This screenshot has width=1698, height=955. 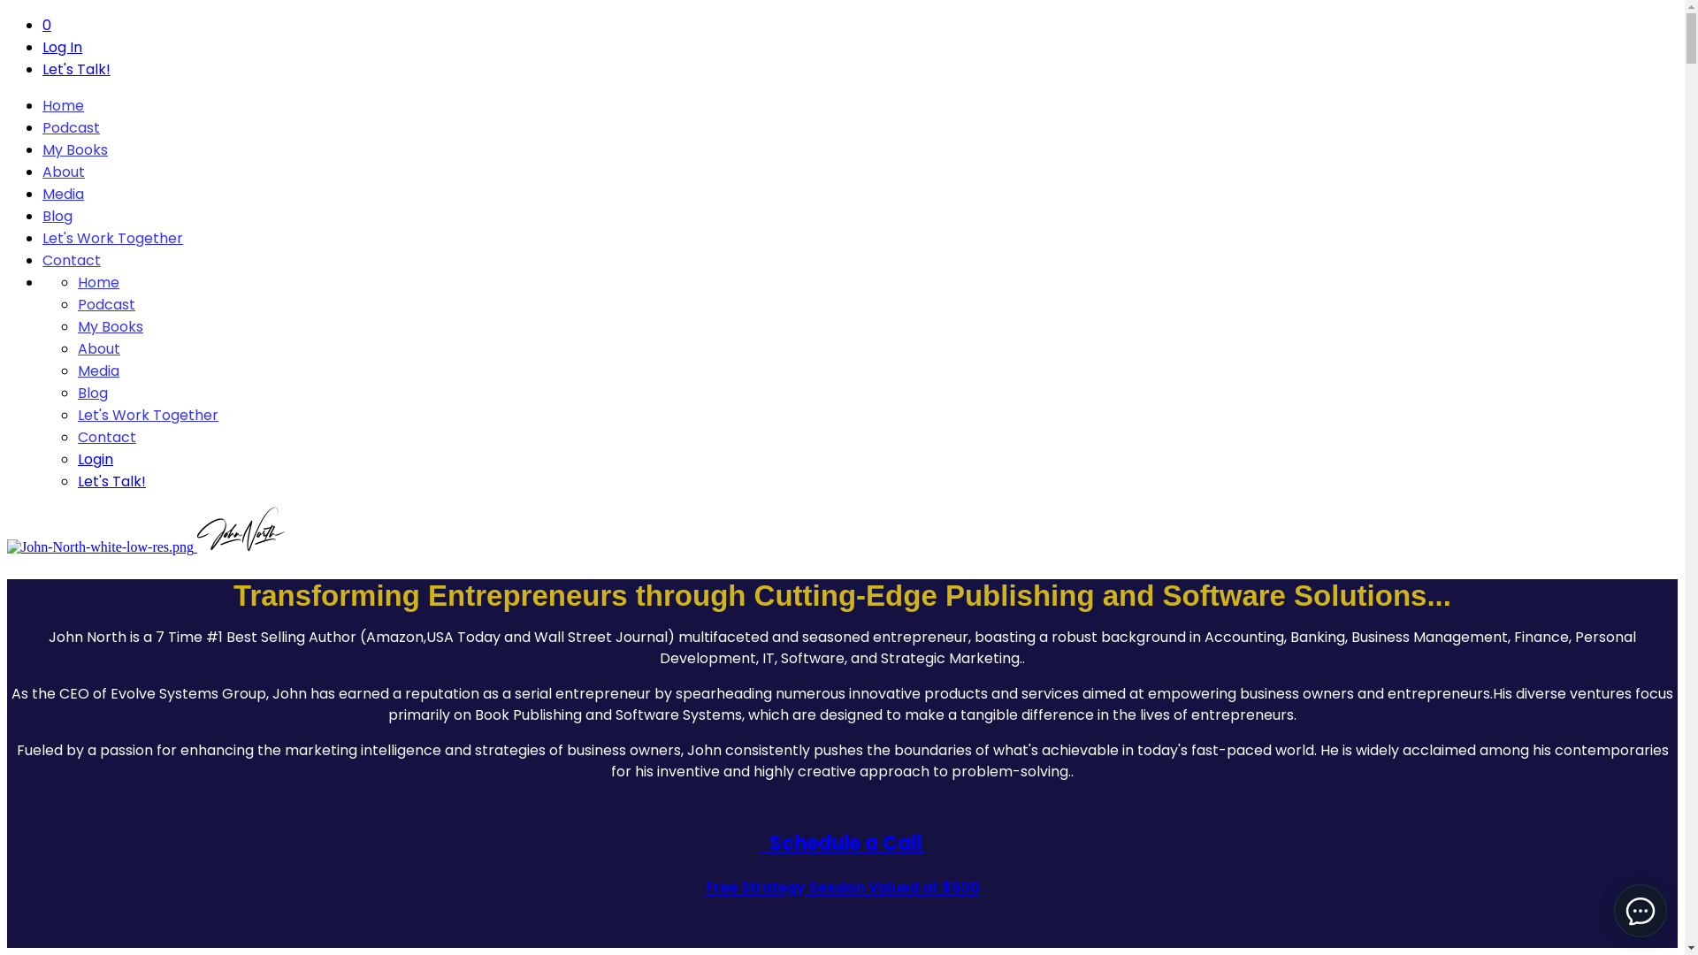 What do you see at coordinates (76, 437) in the screenshot?
I see `'Contact'` at bounding box center [76, 437].